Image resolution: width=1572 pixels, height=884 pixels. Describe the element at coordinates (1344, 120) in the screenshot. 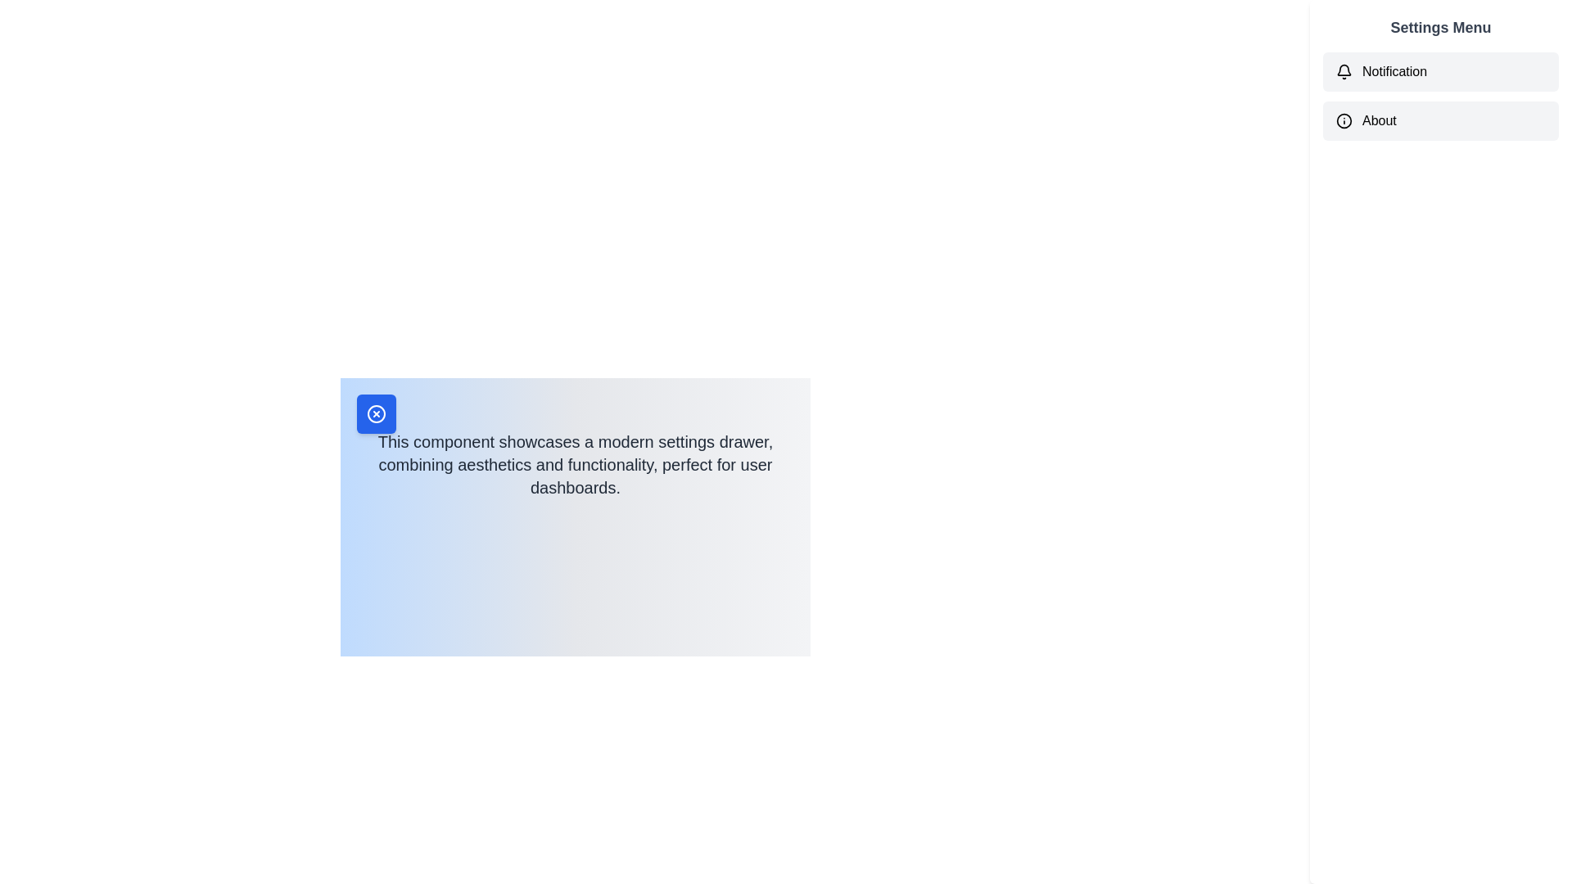

I see `the icon located in the left part of the 'About' section in the Settings Menu, which provides information related to that section` at that location.